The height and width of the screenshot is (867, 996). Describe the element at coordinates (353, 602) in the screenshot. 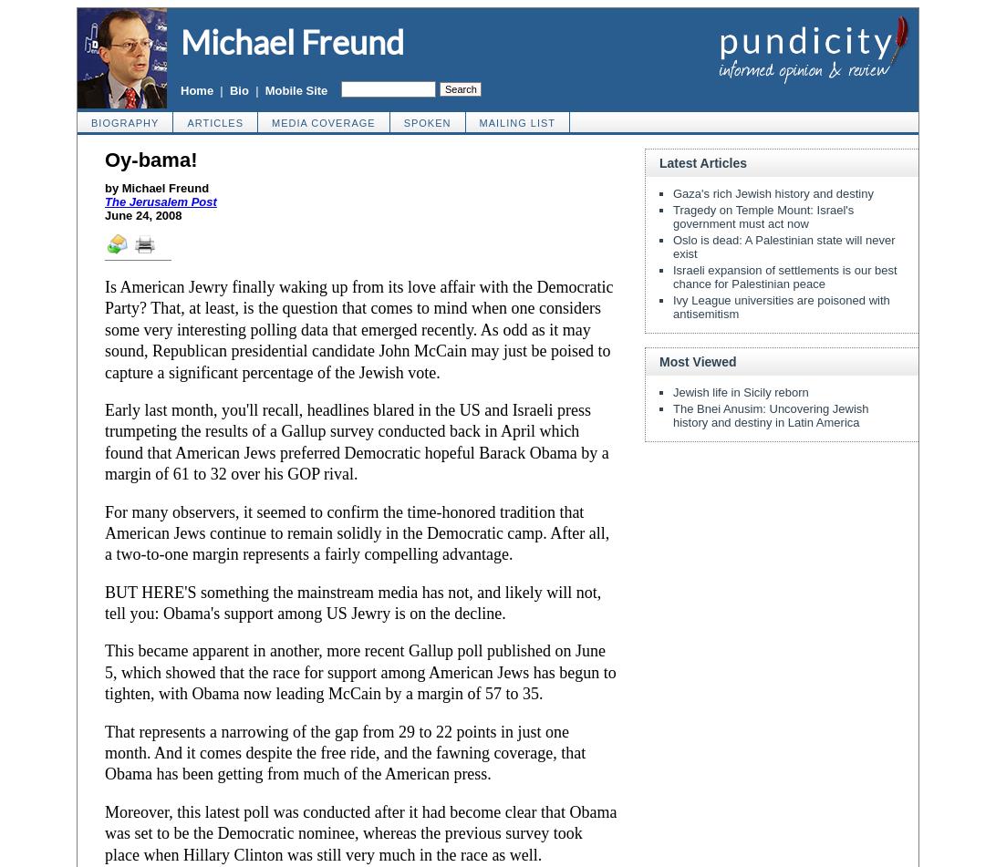

I see `'BUT HERE'S something the mainstream media has not, and likely will not, tell you: Obama's support among US Jewry is on the decline.'` at that location.